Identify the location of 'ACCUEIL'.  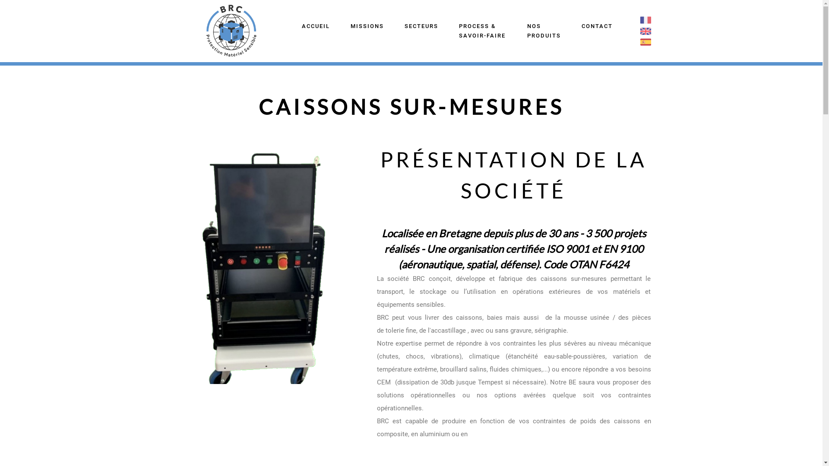
(298, 26).